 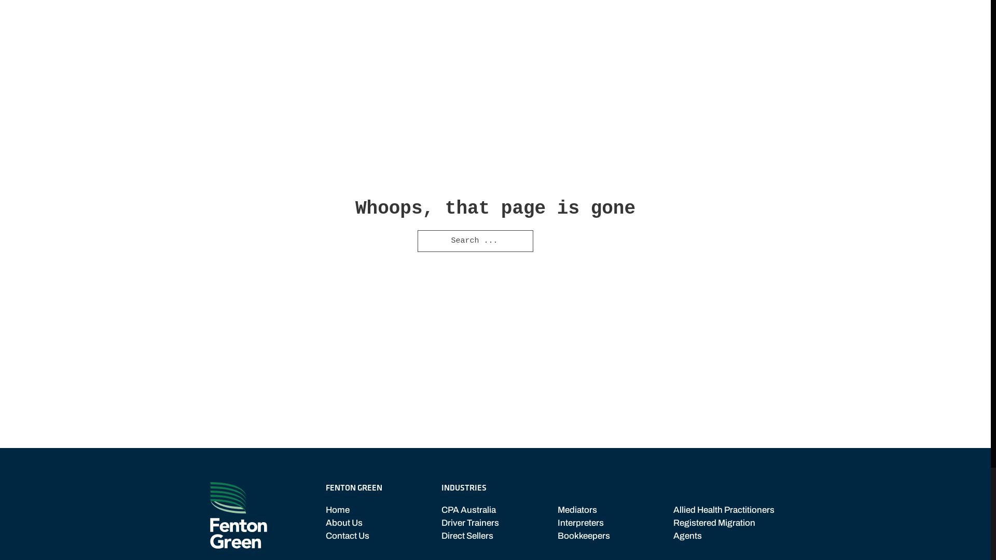 What do you see at coordinates (348, 509) in the screenshot?
I see `'Home'` at bounding box center [348, 509].